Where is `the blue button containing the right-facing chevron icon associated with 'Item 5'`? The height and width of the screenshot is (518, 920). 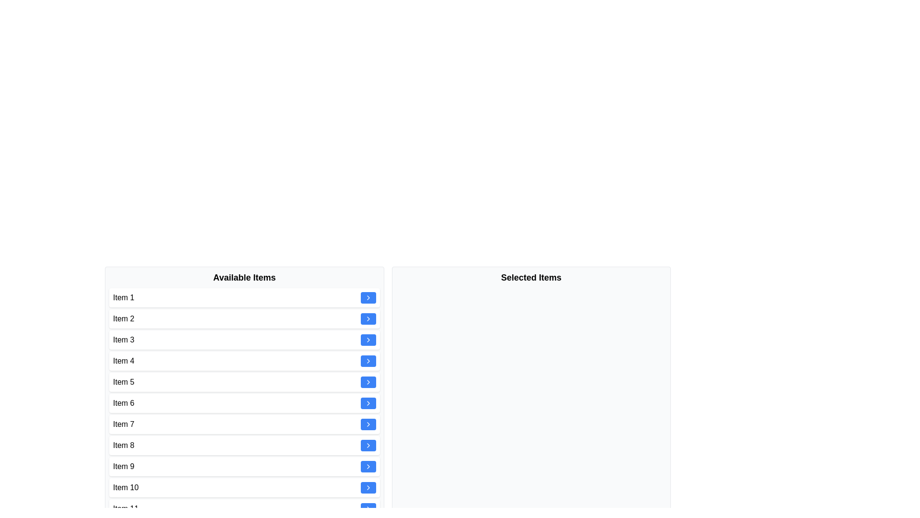 the blue button containing the right-facing chevron icon associated with 'Item 5' is located at coordinates (368, 340).